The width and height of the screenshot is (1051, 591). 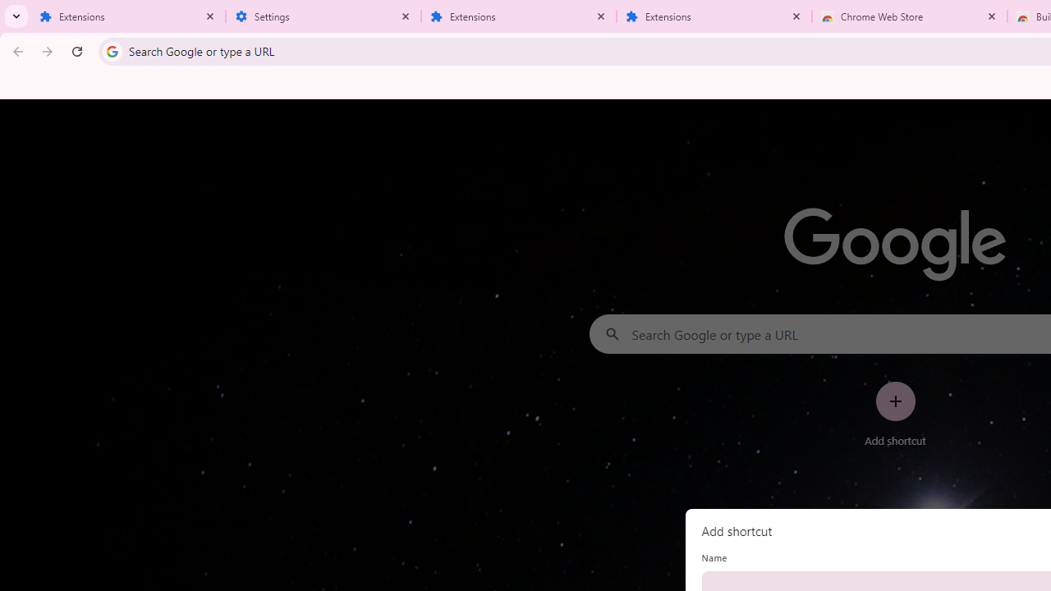 What do you see at coordinates (324, 16) in the screenshot?
I see `'Settings'` at bounding box center [324, 16].